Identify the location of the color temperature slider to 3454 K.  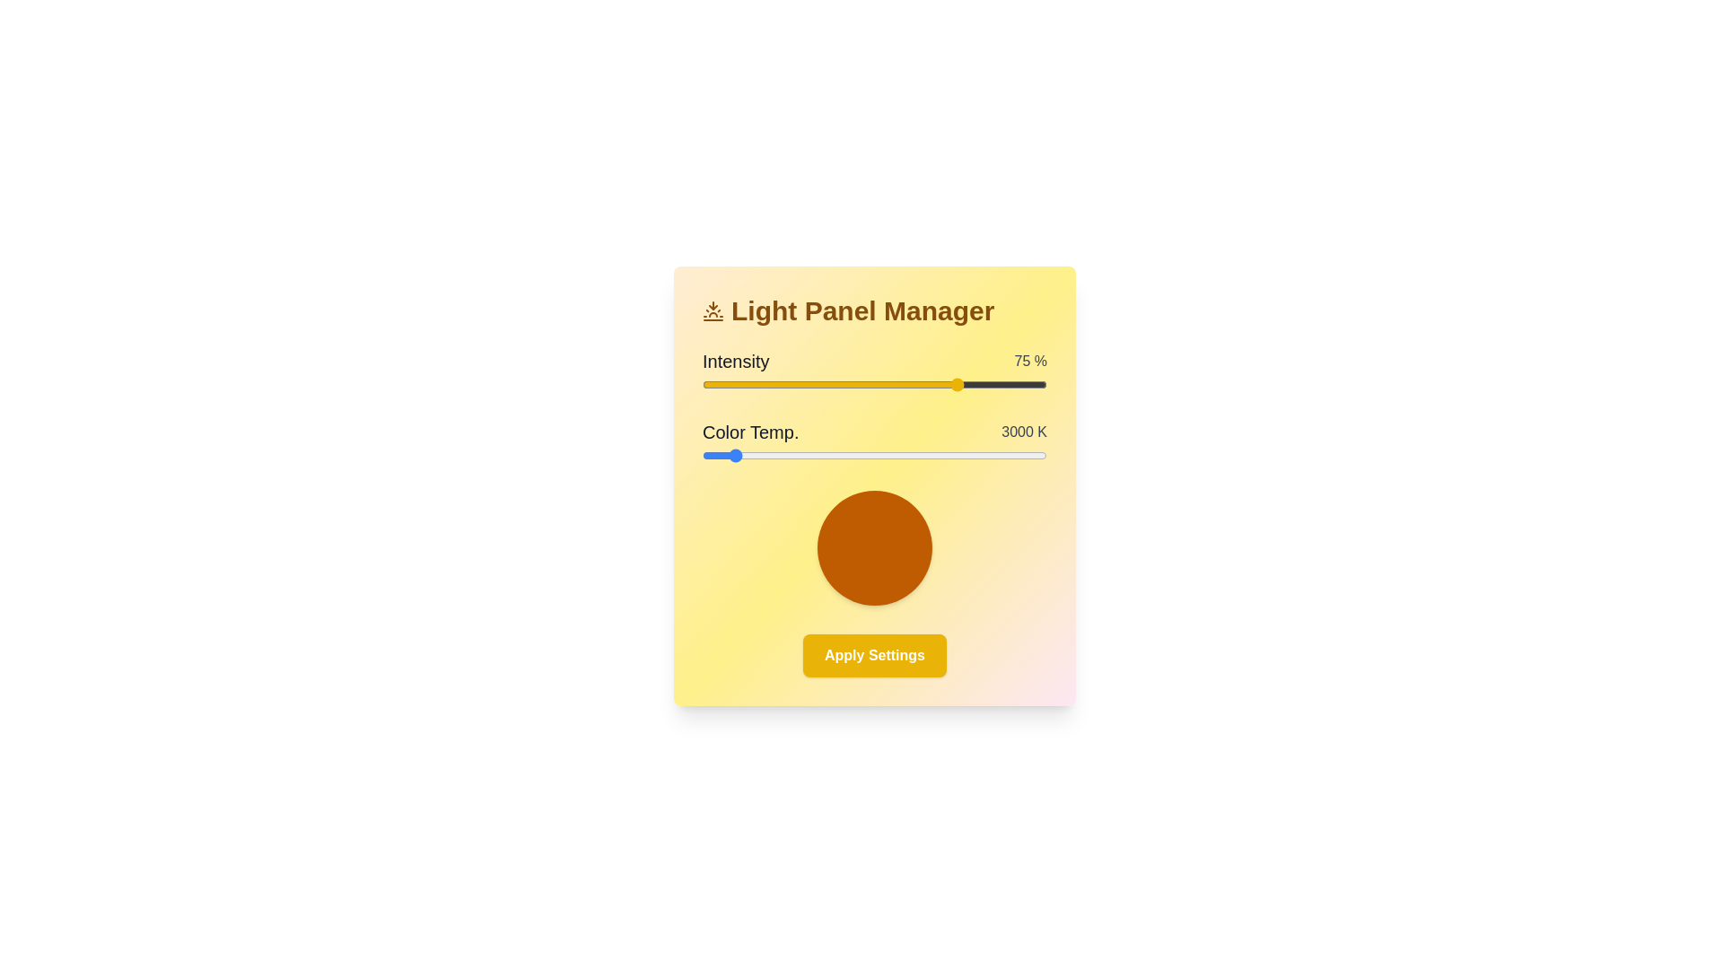
(771, 455).